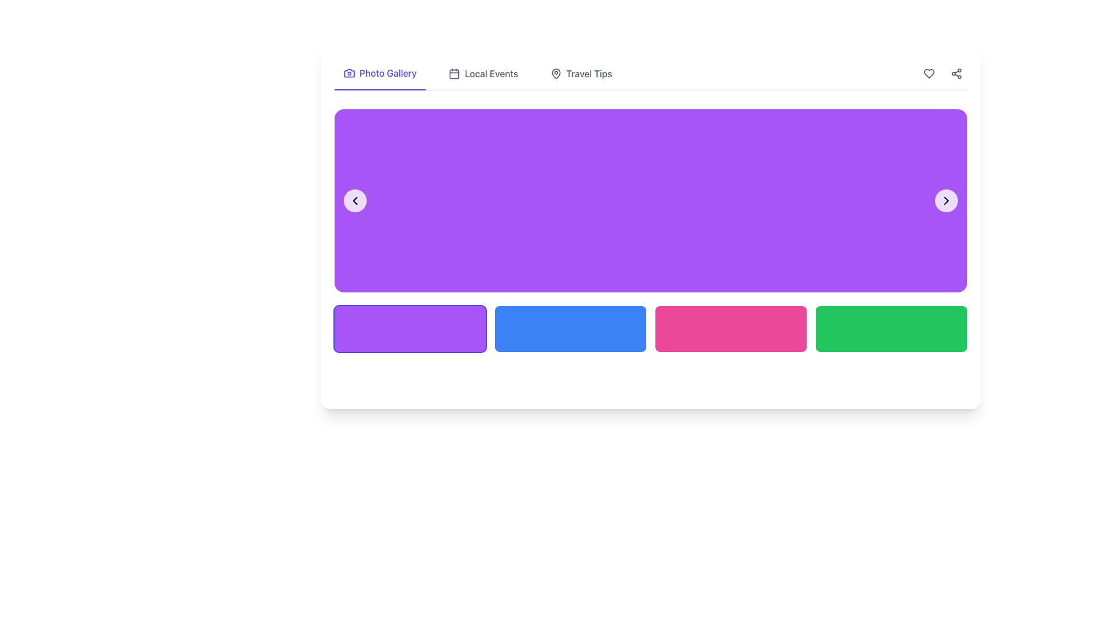 This screenshot has width=1100, height=618. I want to click on the calendar icon representing the 'Local Events' navigation item, which is a compact rectangle with rounded corners and internal lines indicating a calendar layout, so click(454, 73).